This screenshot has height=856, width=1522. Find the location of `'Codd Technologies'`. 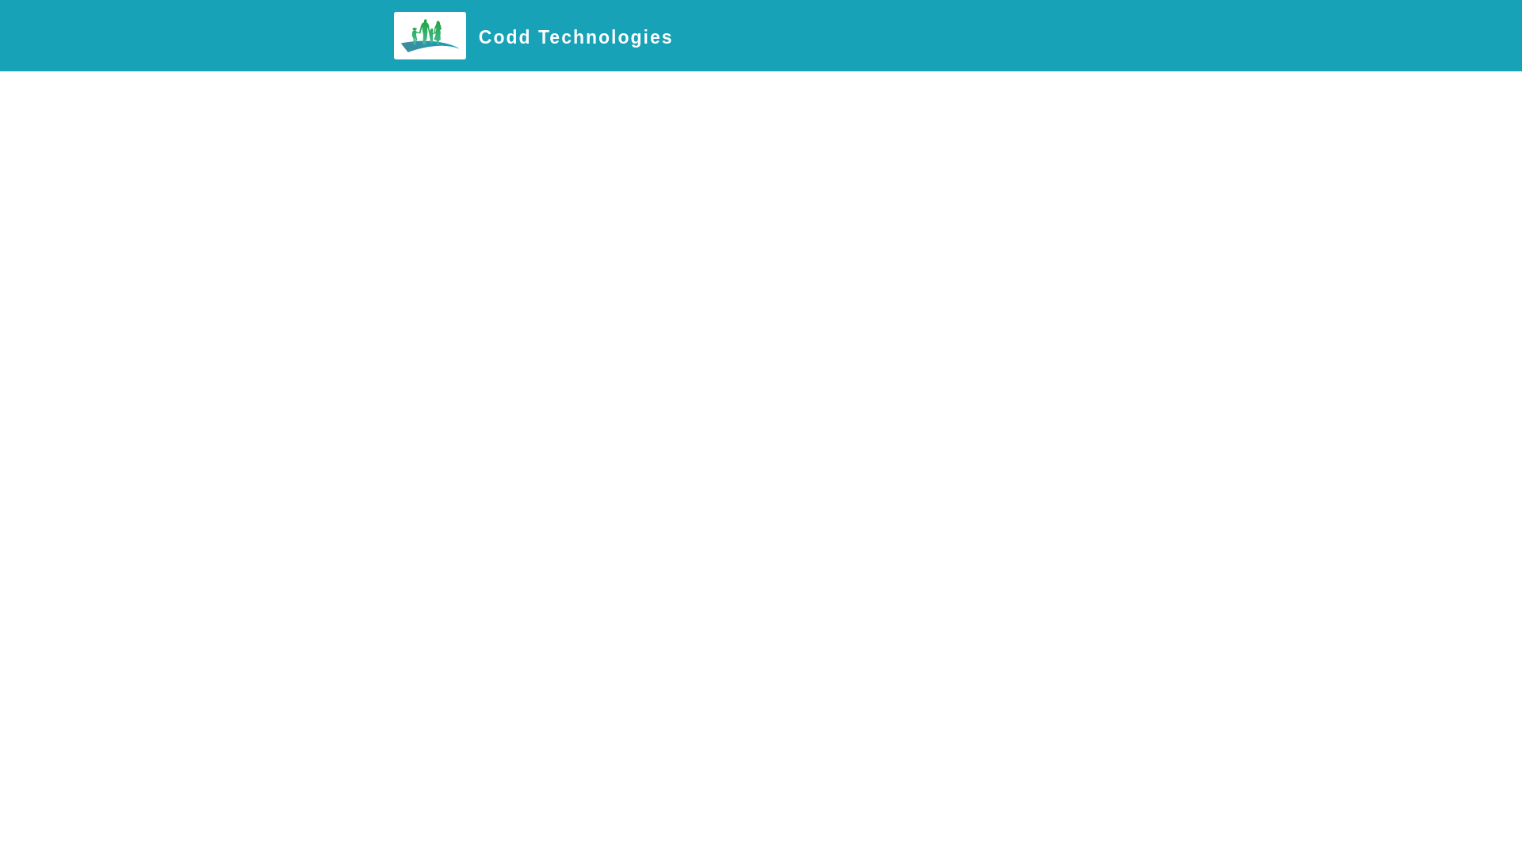

'Codd Technologies' is located at coordinates (575, 36).